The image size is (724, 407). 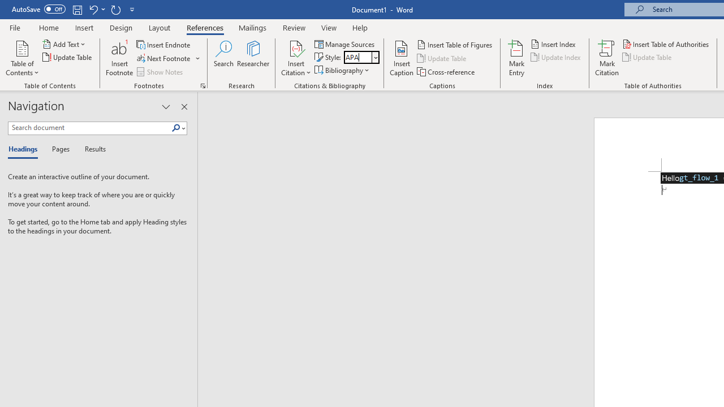 What do you see at coordinates (360, 27) in the screenshot?
I see `'Help'` at bounding box center [360, 27].